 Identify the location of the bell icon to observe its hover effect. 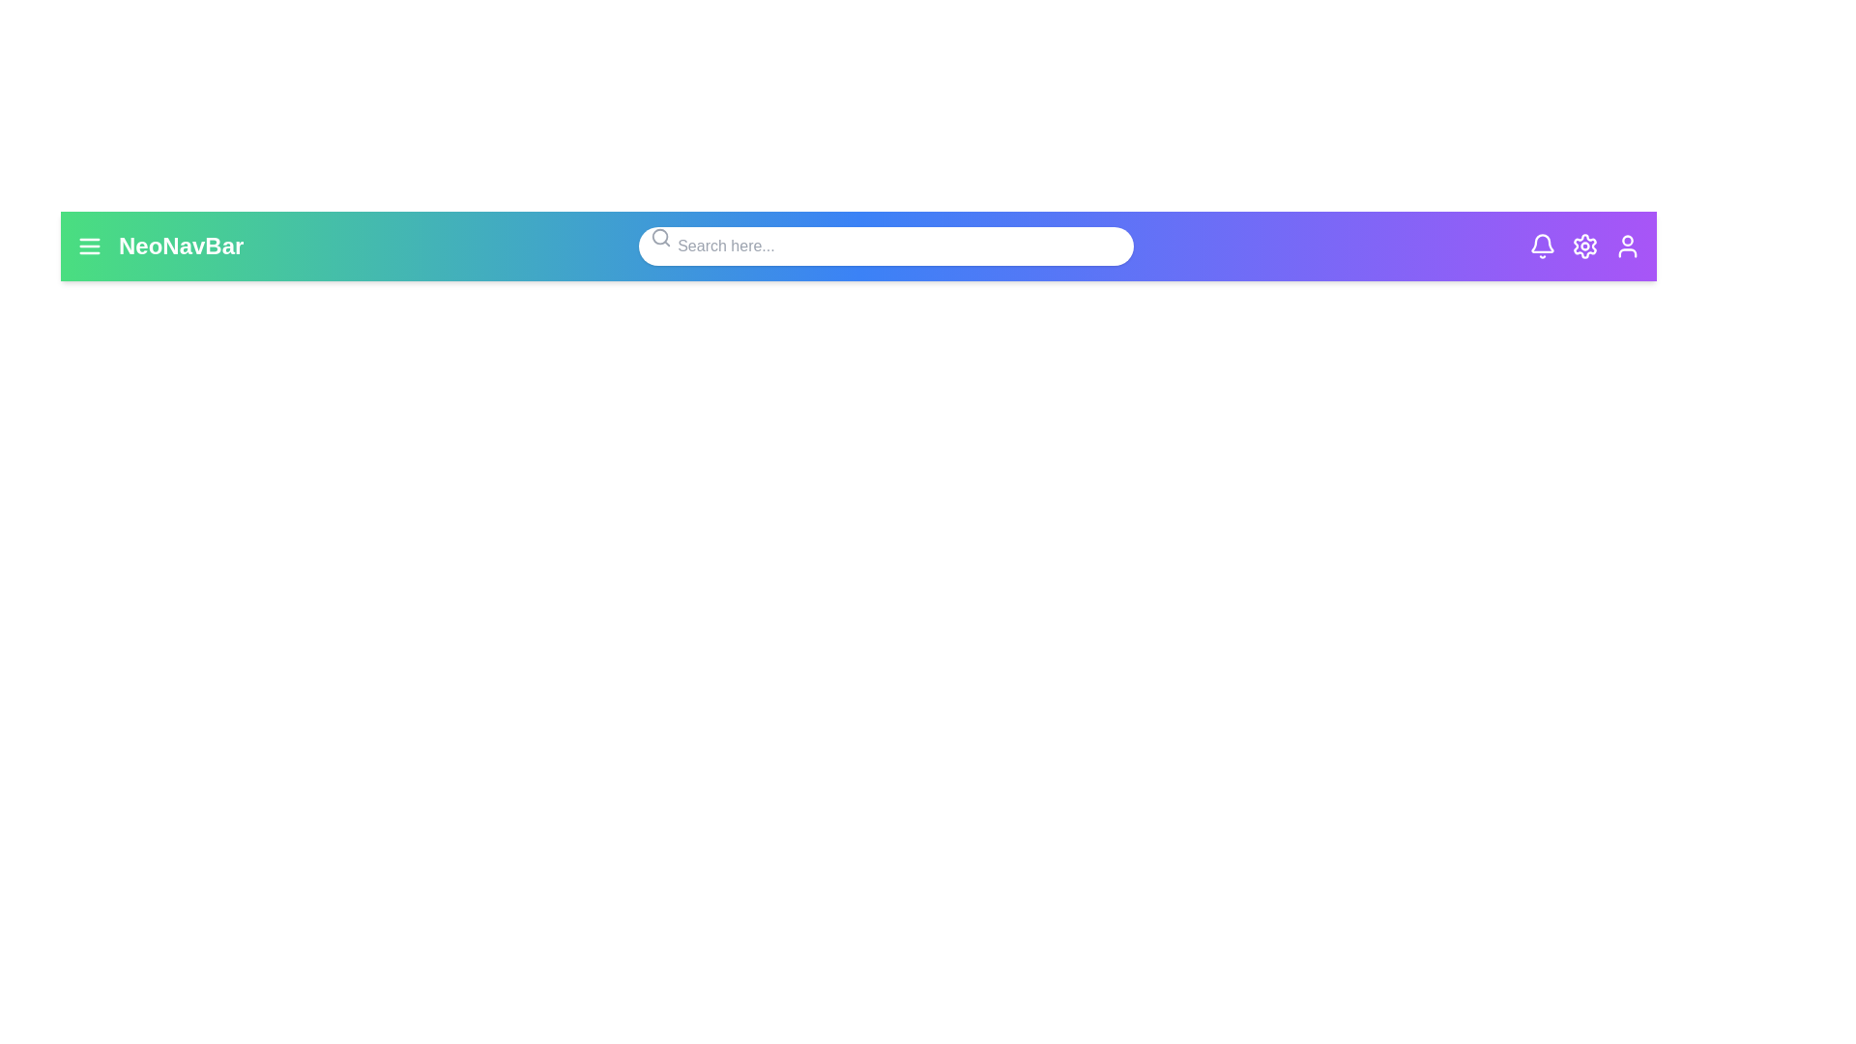
(1541, 245).